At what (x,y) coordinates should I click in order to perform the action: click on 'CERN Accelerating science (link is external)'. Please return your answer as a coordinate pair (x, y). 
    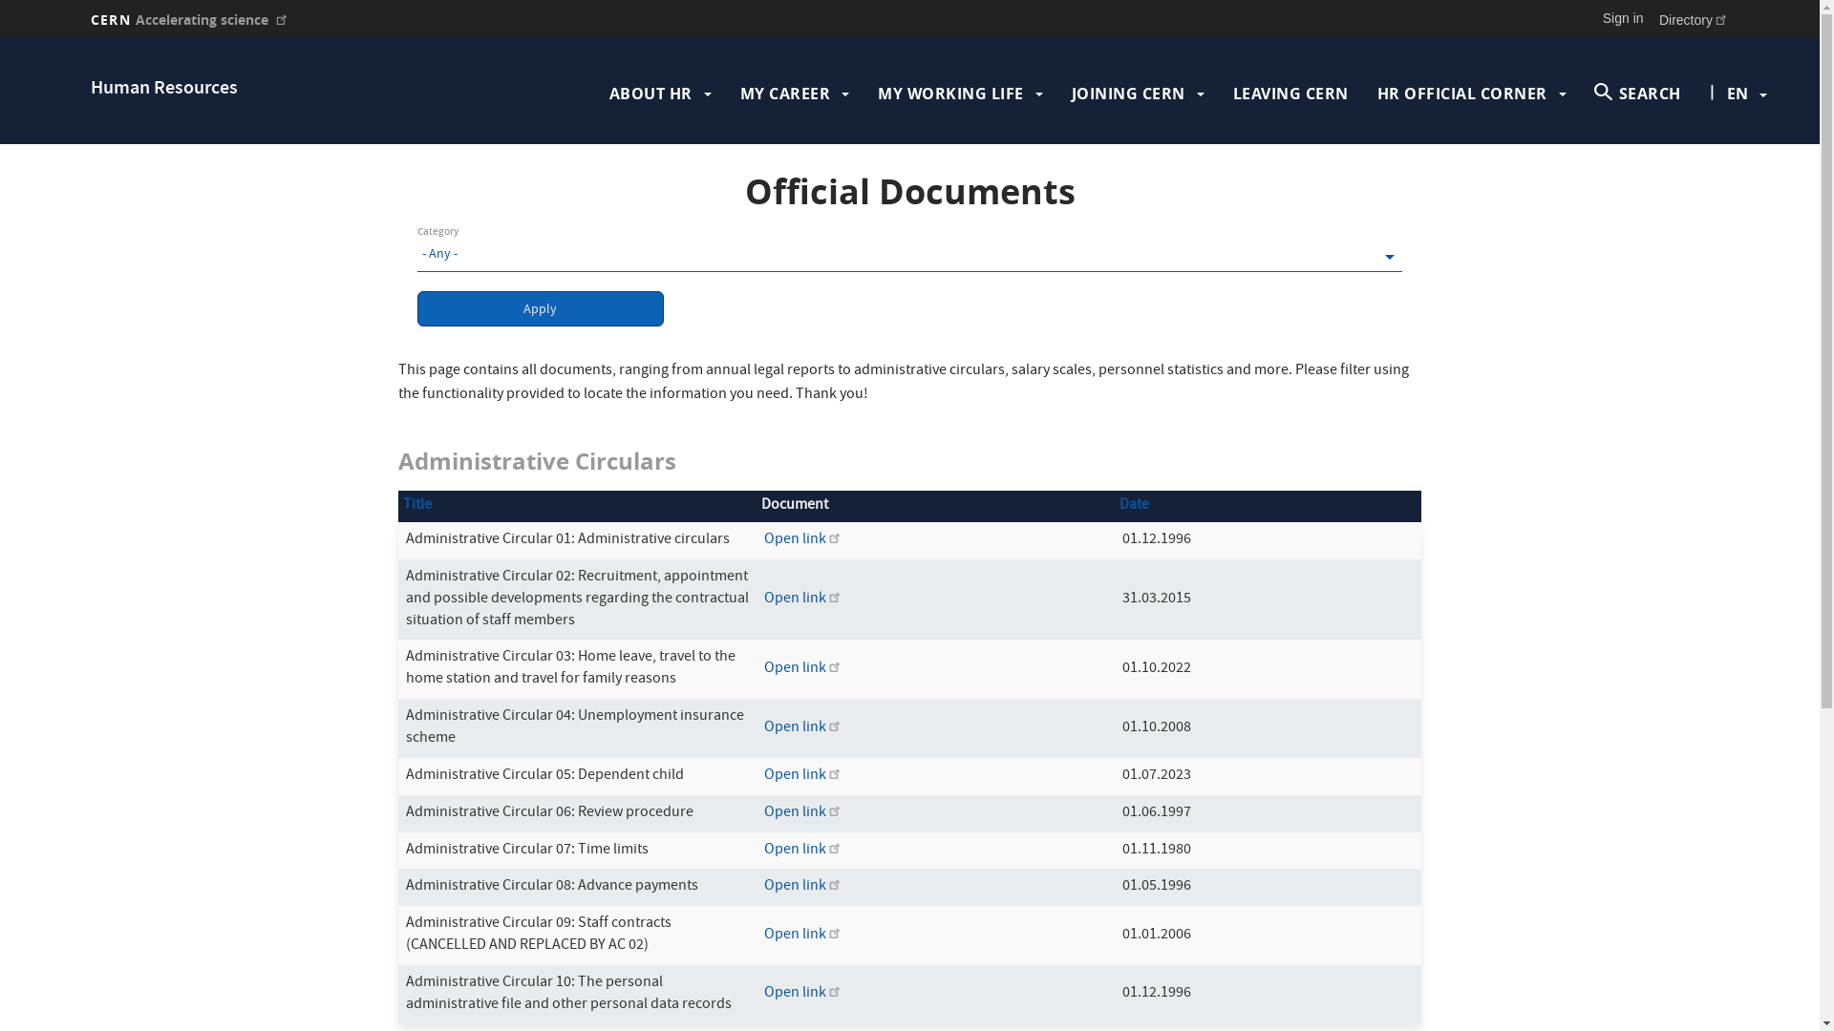
    Looking at the image, I should click on (189, 18).